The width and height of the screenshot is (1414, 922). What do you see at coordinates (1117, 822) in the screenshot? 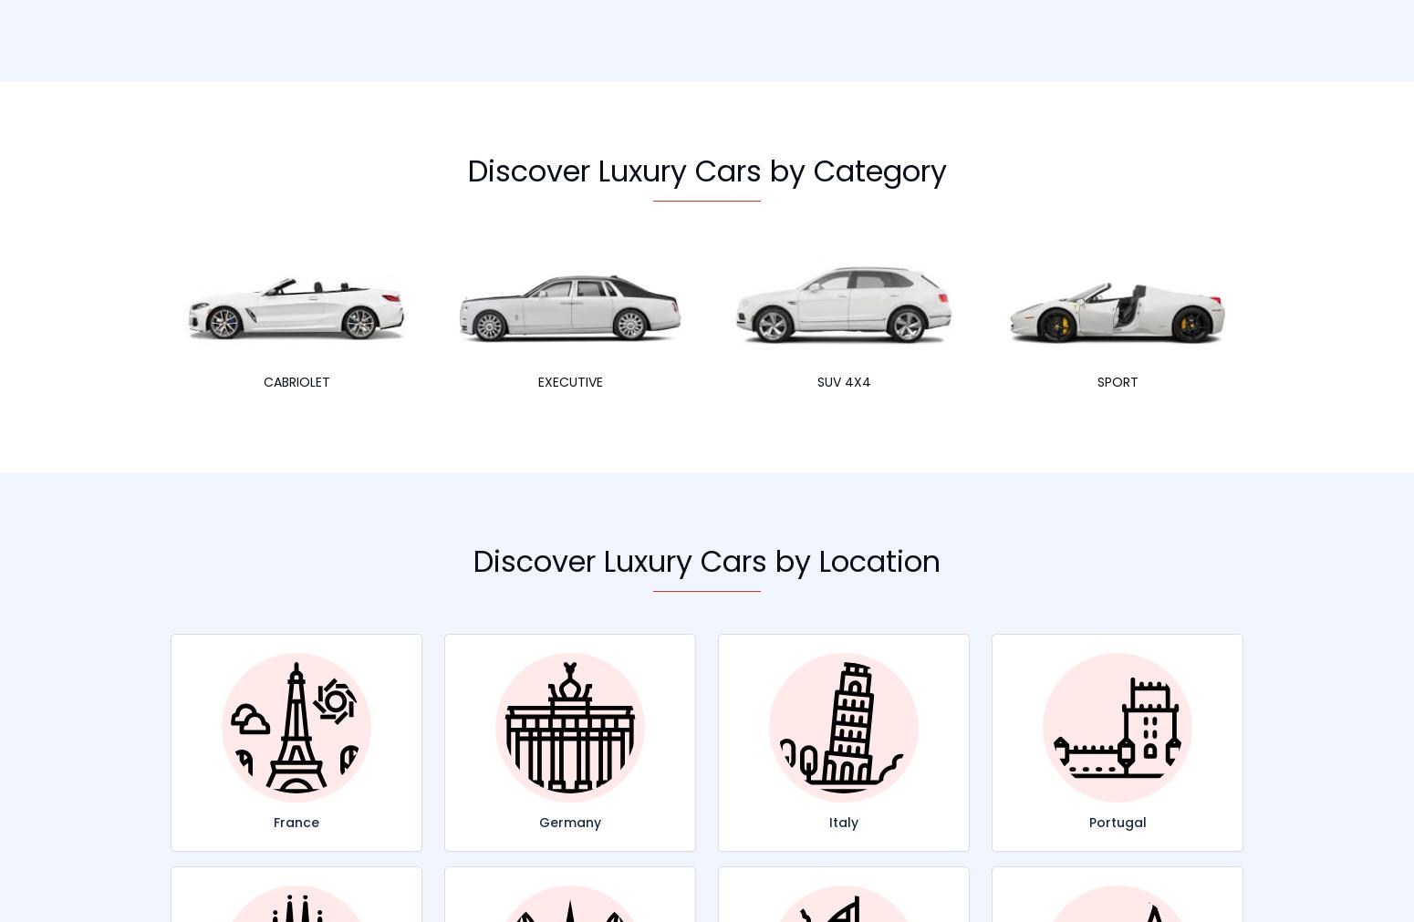
I see `'Portugal'` at bounding box center [1117, 822].